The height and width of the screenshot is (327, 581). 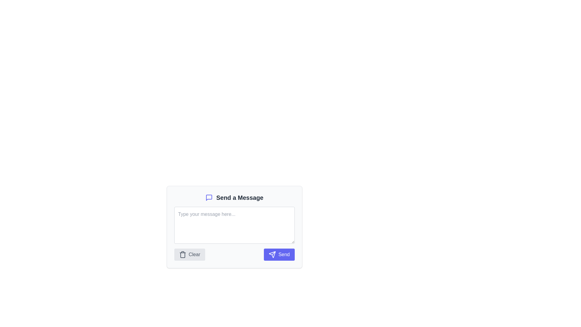 I want to click on the Clear icon located to the left of the 'Clear' text label within the Clear button at the bottom-left corner of the message input section, so click(x=182, y=254).